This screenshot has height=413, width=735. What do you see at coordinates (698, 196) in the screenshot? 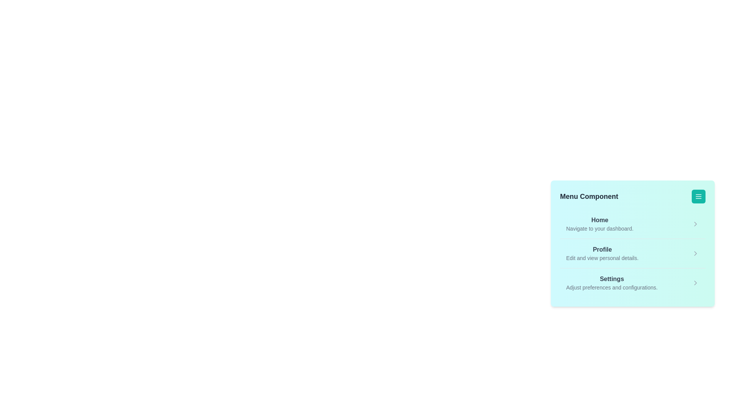
I see `the menu icon to open additional options` at bounding box center [698, 196].